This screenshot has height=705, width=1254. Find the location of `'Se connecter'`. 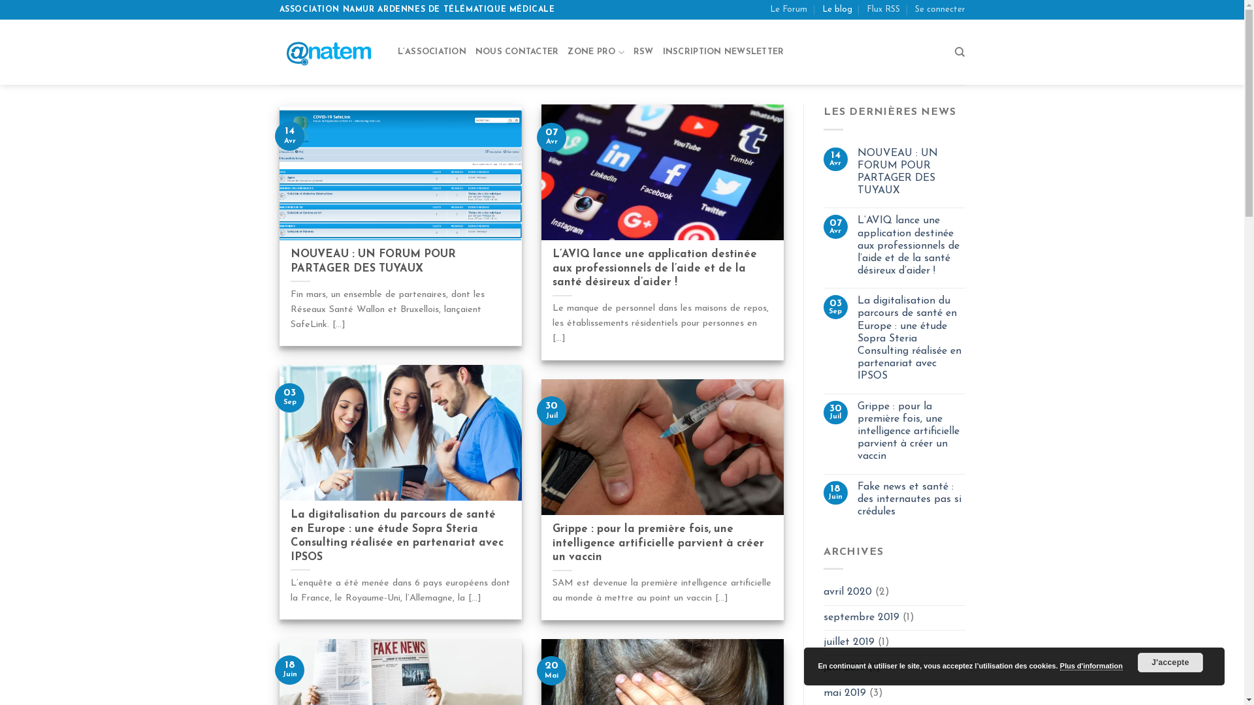

'Se connecter' is located at coordinates (939, 10).